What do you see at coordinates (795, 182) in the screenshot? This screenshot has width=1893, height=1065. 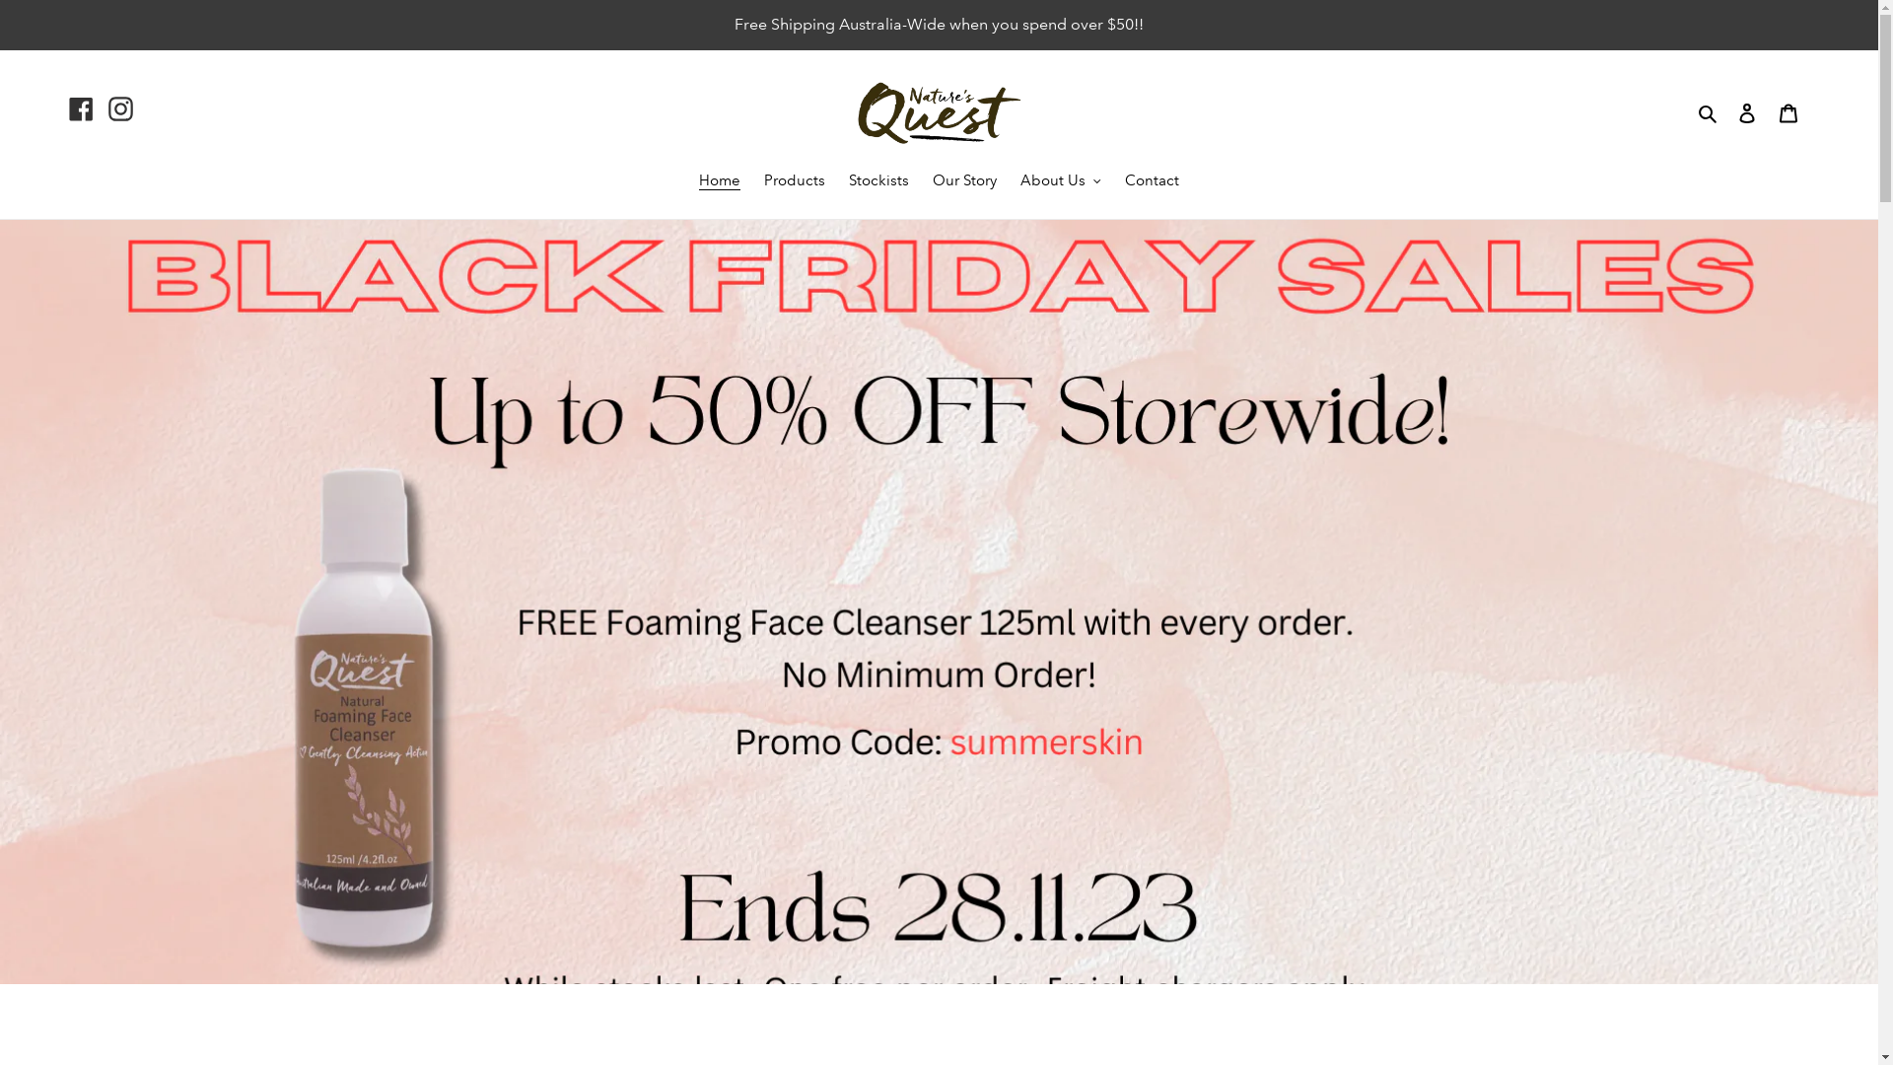 I see `'Products'` at bounding box center [795, 182].